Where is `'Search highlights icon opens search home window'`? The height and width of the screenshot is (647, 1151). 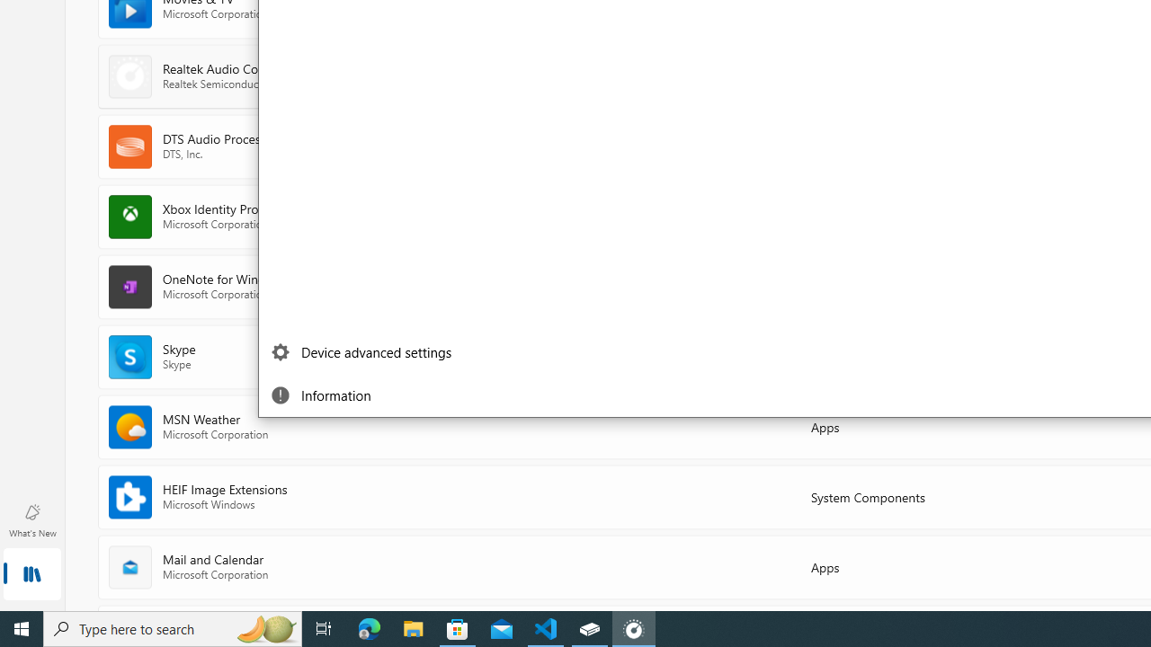 'Search highlights icon opens search home window' is located at coordinates (264, 627).